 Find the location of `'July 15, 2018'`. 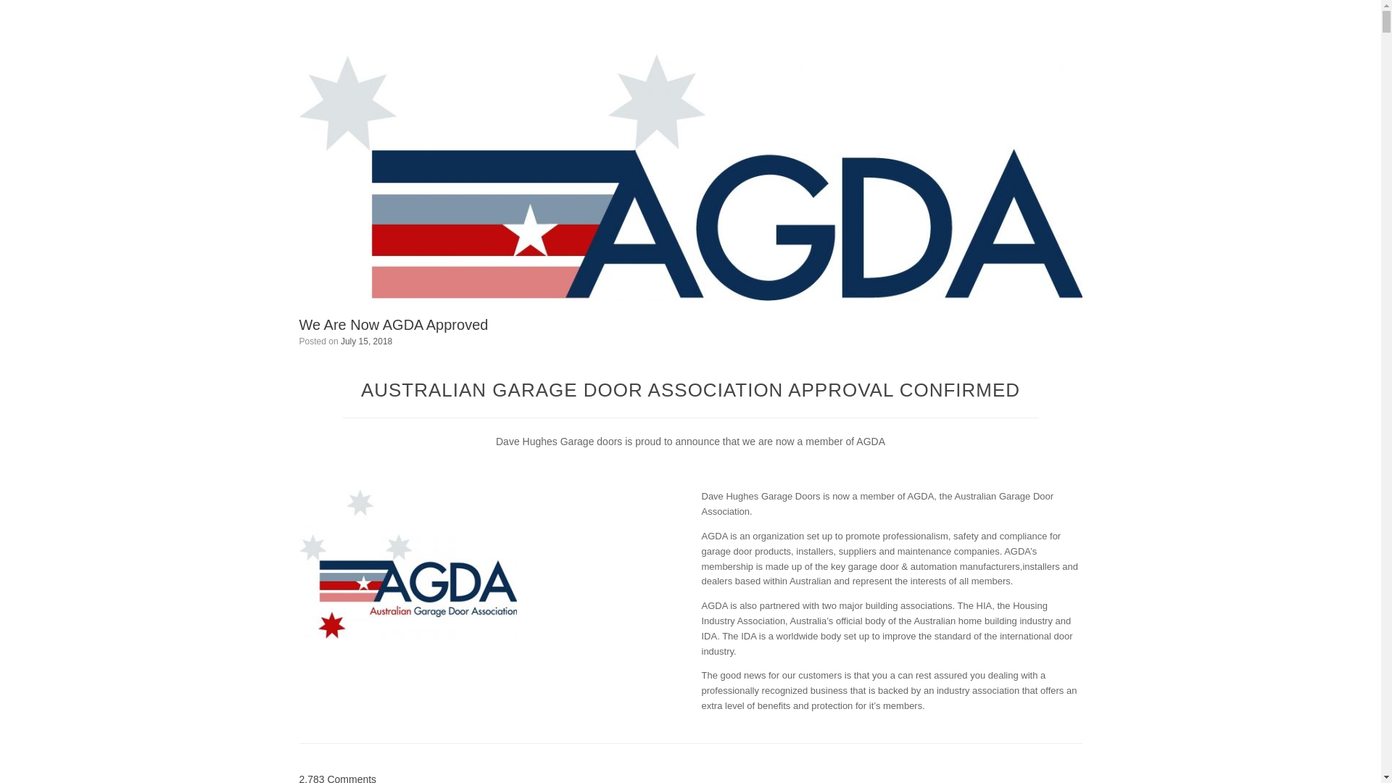

'July 15, 2018' is located at coordinates (366, 341).